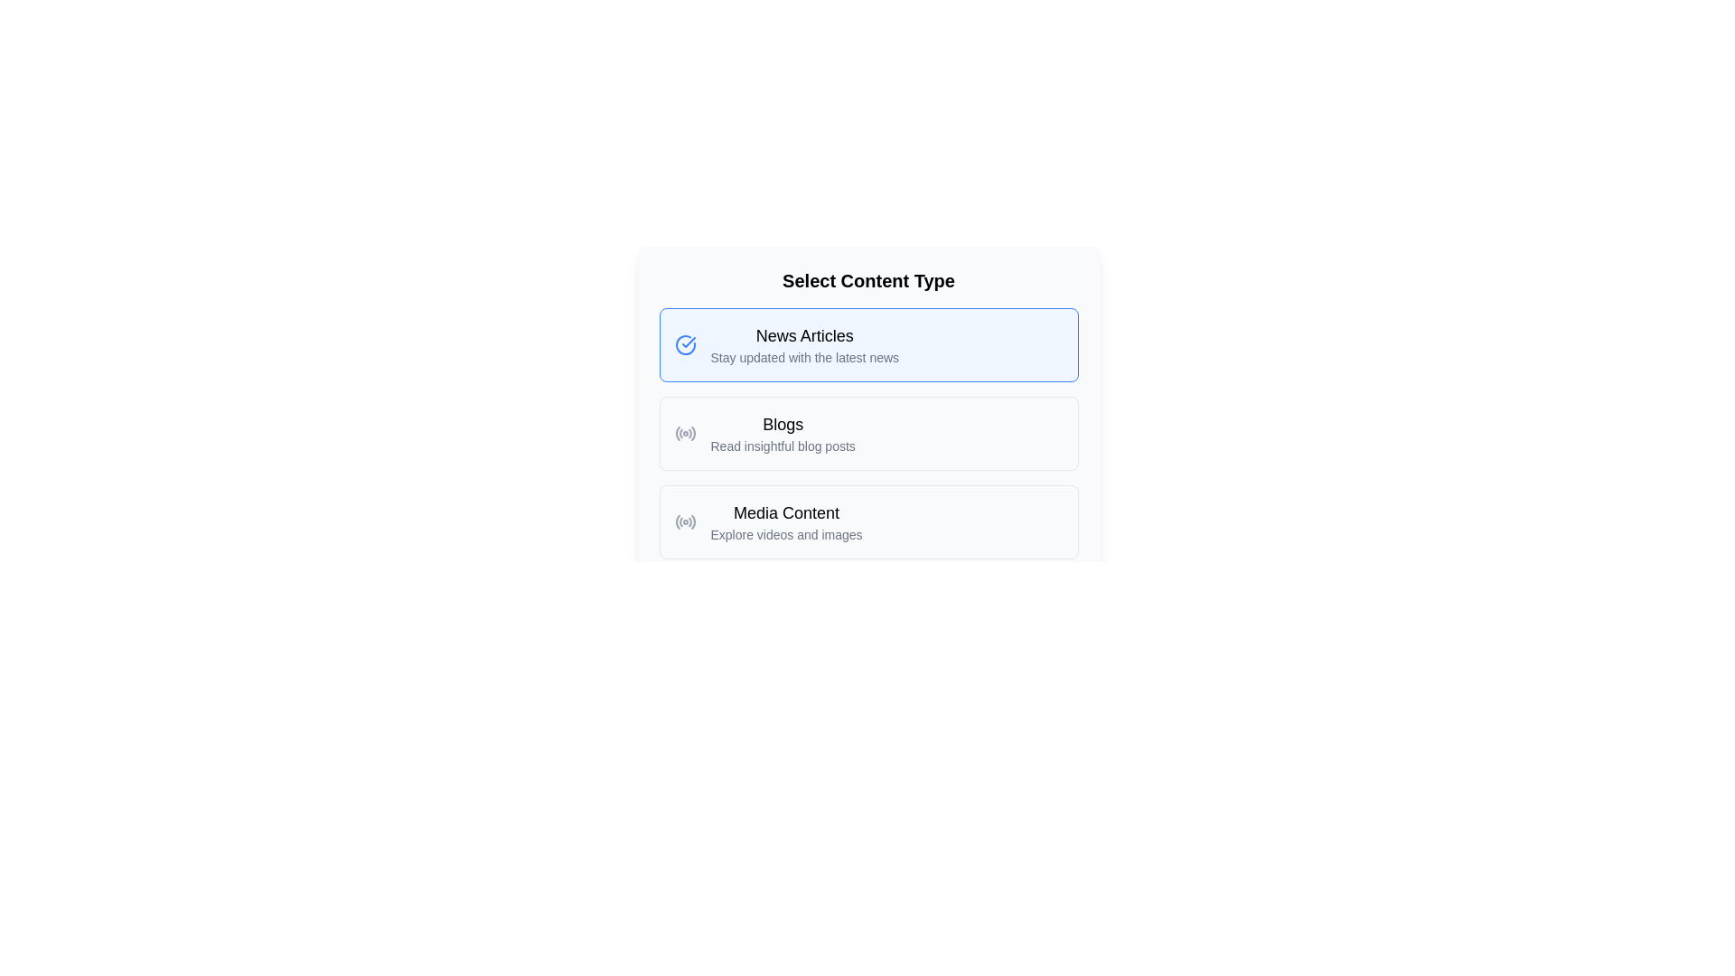 This screenshot has width=1735, height=976. What do you see at coordinates (786, 533) in the screenshot?
I see `the descriptive text label located below the 'Media Content' header, which provides additional information about the section` at bounding box center [786, 533].